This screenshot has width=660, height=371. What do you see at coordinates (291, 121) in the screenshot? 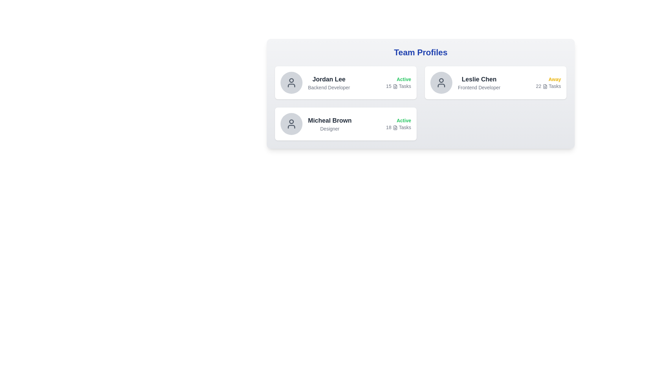
I see `the circular SVG icon representing the user 'Michael Brown' located near the profile information` at bounding box center [291, 121].